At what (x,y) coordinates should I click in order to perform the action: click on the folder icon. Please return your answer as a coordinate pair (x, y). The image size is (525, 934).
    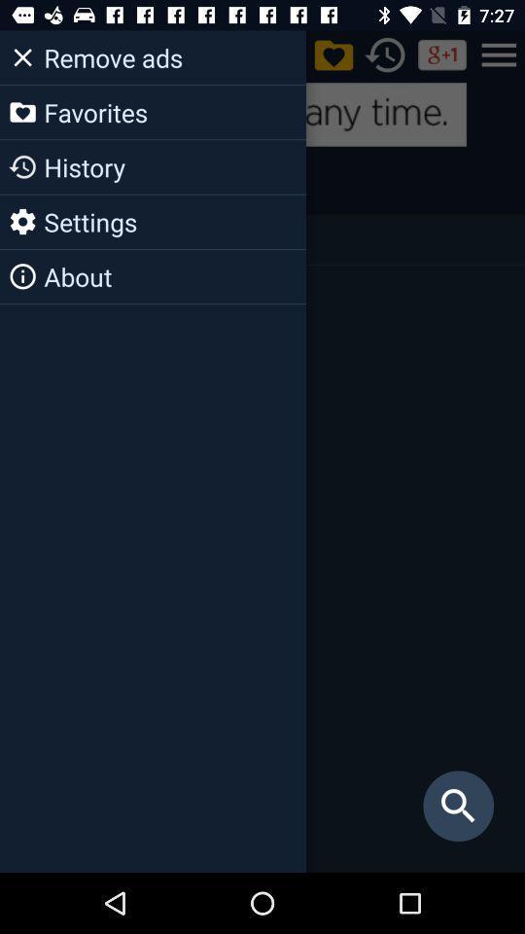
    Looking at the image, I should click on (332, 54).